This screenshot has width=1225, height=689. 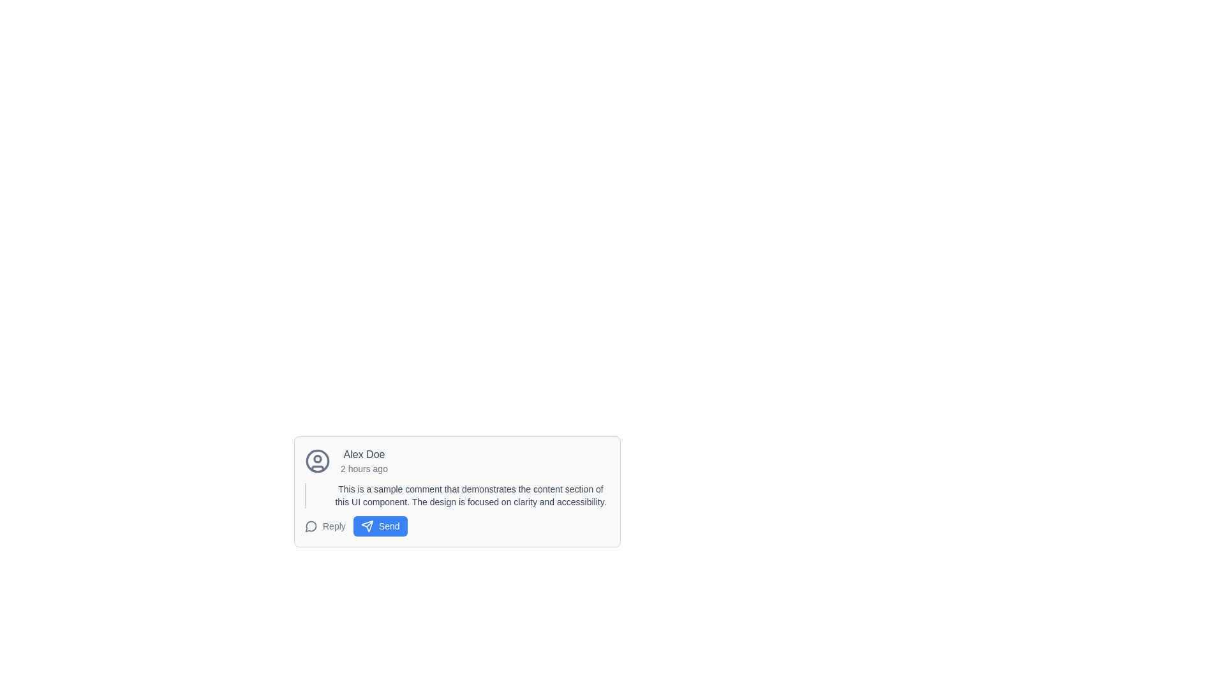 What do you see at coordinates (366, 526) in the screenshot?
I see `the triangular send icon located in the lower right segment of the comment box interface` at bounding box center [366, 526].